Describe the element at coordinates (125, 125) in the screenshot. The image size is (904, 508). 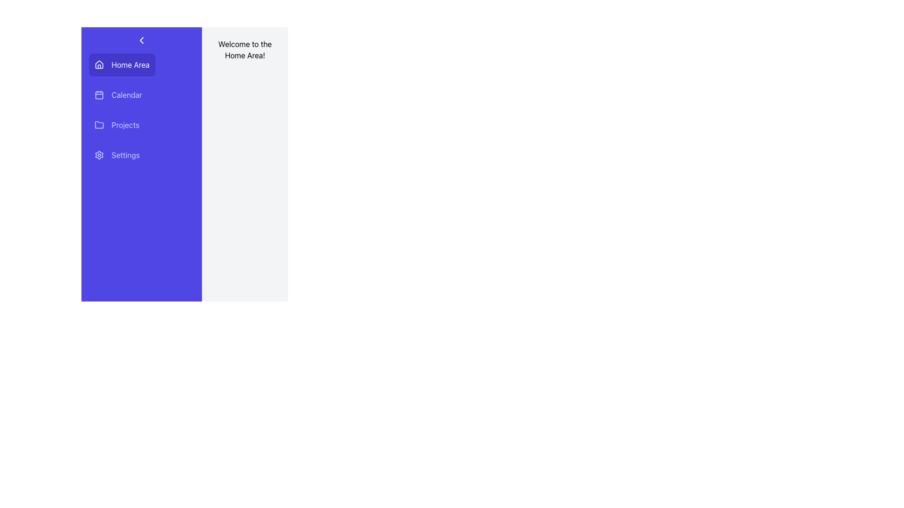
I see `the 'Projects' text label in the blue sidebar navigation menu` at that location.